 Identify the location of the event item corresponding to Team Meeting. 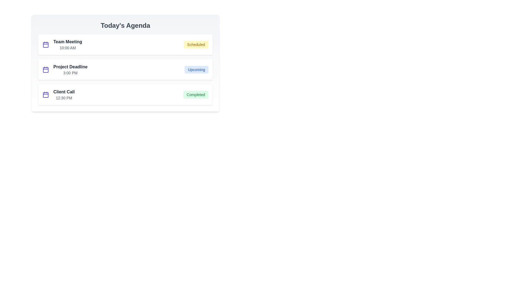
(125, 44).